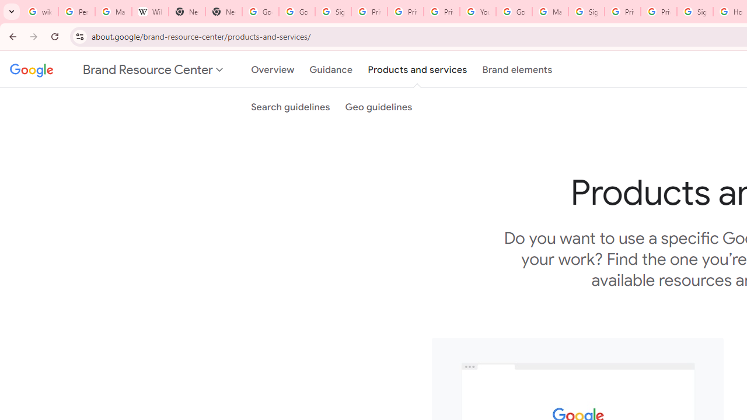  Describe the element at coordinates (330, 69) in the screenshot. I see `'Guidance'` at that location.